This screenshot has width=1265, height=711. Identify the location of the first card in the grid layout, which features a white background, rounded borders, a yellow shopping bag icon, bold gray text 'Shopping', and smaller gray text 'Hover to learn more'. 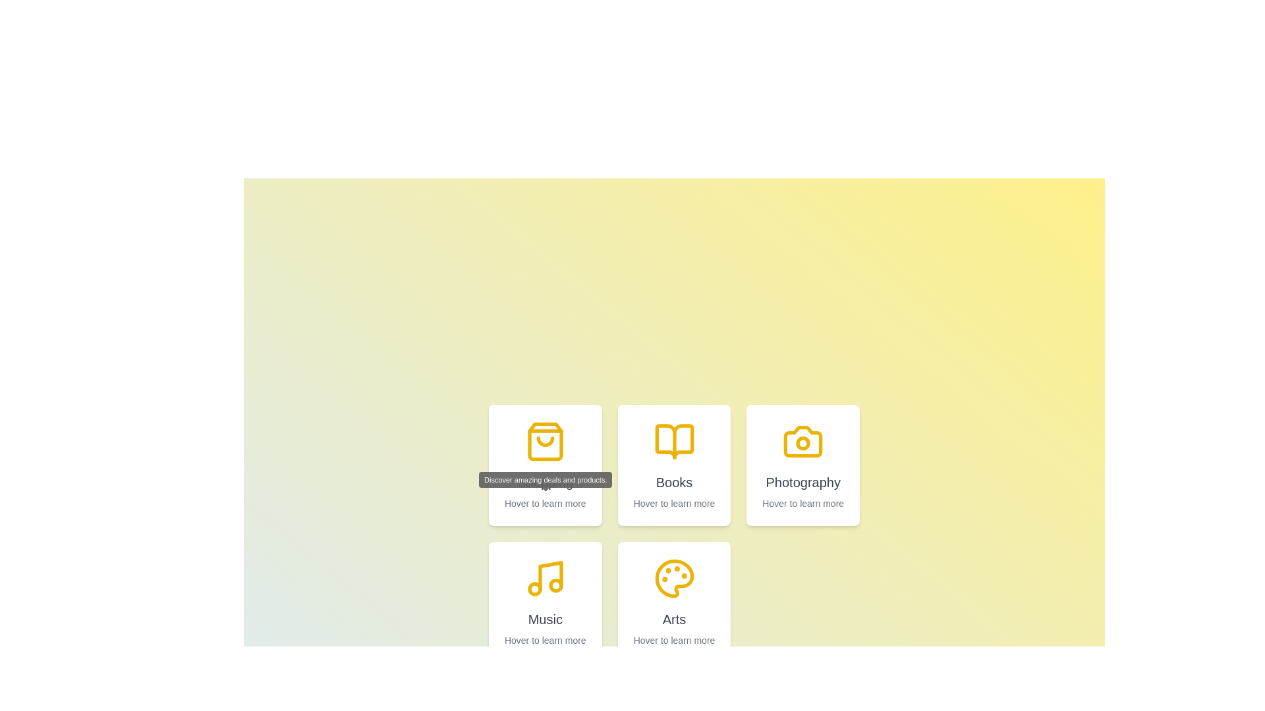
(545, 464).